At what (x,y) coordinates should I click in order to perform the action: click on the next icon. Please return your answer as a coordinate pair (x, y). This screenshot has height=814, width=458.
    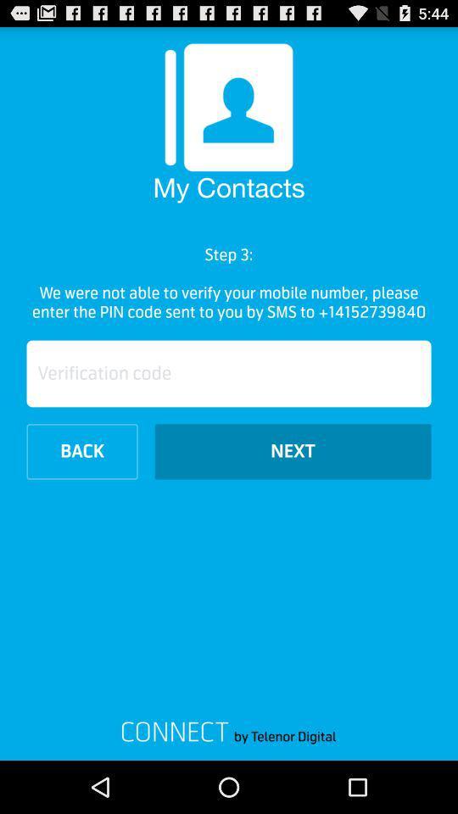
    Looking at the image, I should click on (292, 450).